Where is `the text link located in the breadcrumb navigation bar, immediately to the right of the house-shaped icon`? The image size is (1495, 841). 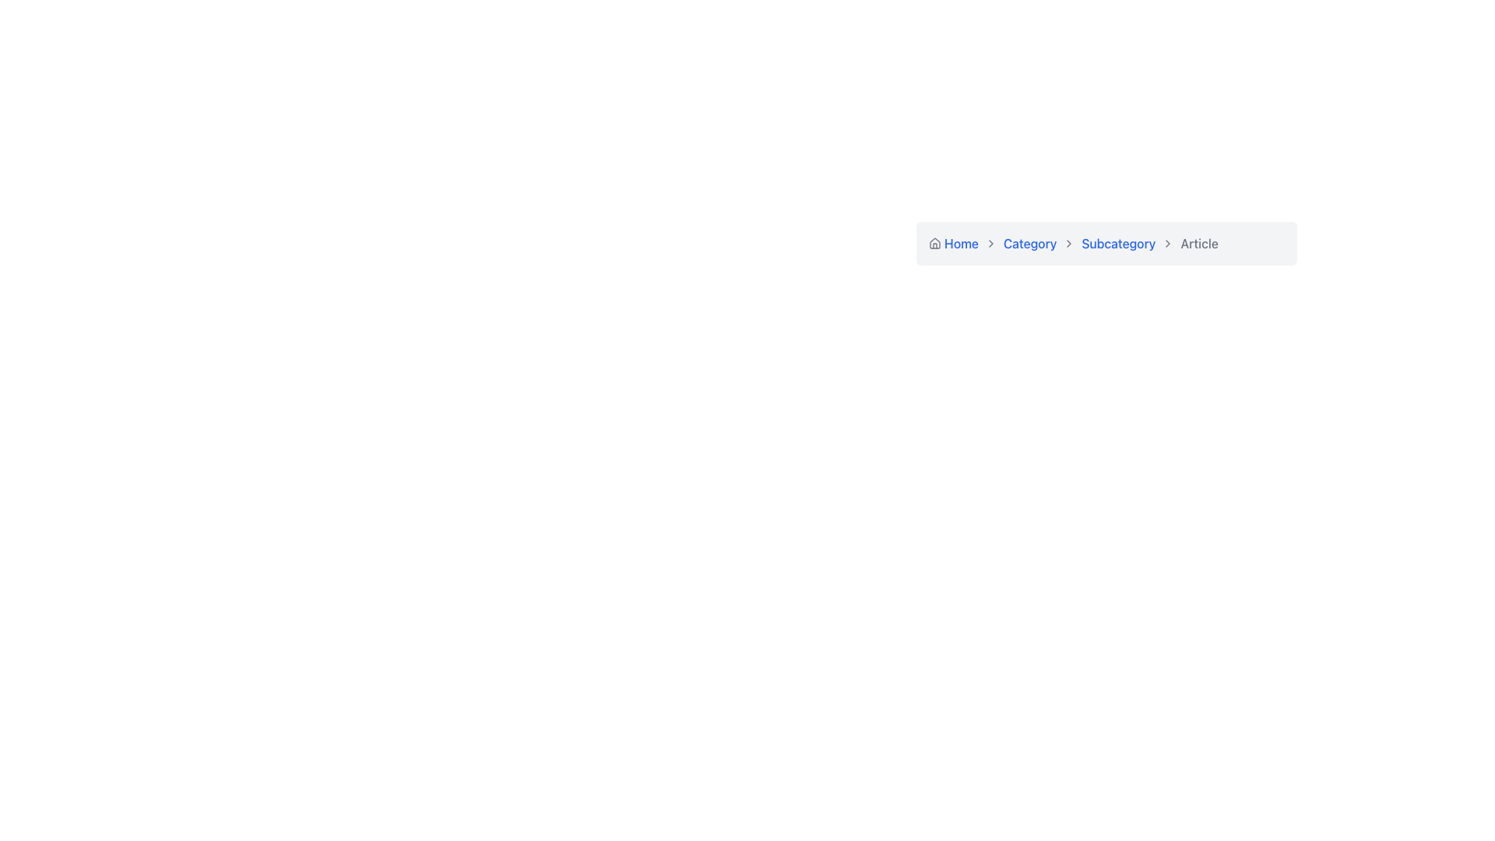 the text link located in the breadcrumb navigation bar, immediately to the right of the house-shaped icon is located at coordinates (960, 243).